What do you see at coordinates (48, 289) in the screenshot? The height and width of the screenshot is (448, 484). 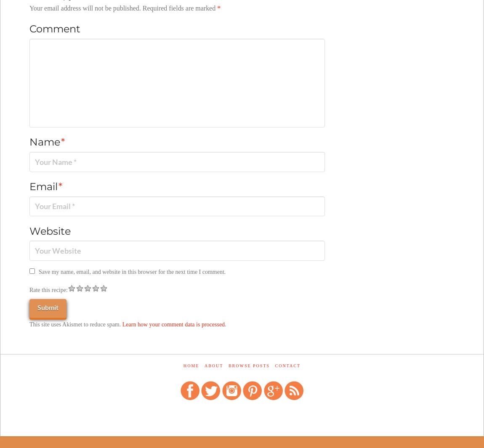 I see `'Rate this recipe:'` at bounding box center [48, 289].